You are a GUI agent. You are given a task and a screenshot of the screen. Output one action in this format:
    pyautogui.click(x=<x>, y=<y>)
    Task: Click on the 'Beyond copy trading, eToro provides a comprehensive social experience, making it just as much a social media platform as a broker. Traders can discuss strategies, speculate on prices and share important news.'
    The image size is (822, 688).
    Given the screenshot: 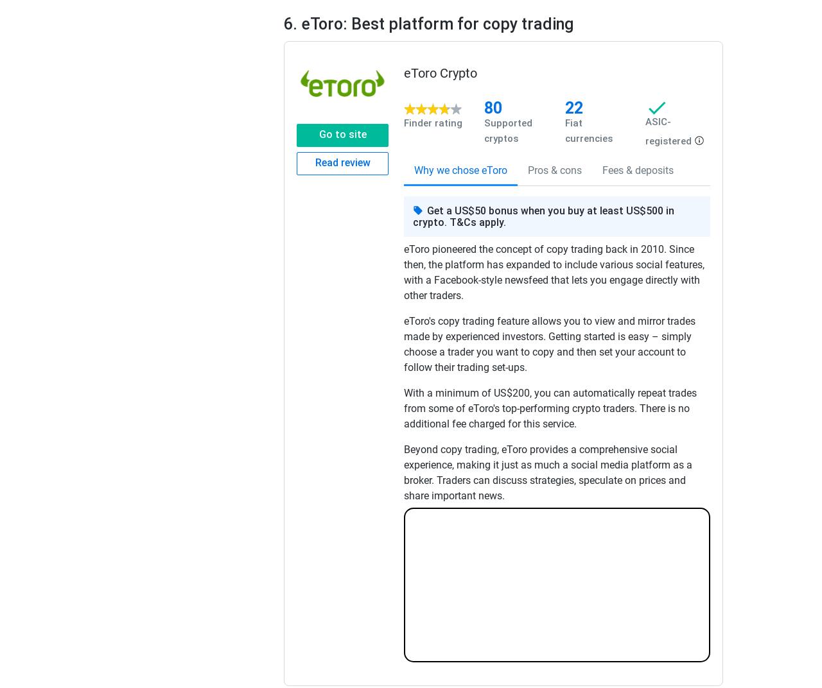 What is the action you would take?
    pyautogui.click(x=548, y=472)
    